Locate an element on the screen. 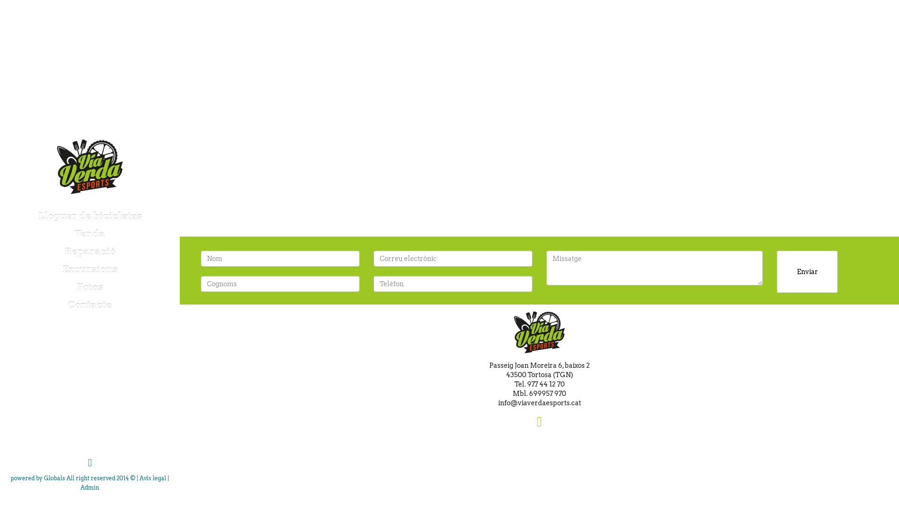 The image size is (899, 506). 'Contacte' is located at coordinates (90, 305).